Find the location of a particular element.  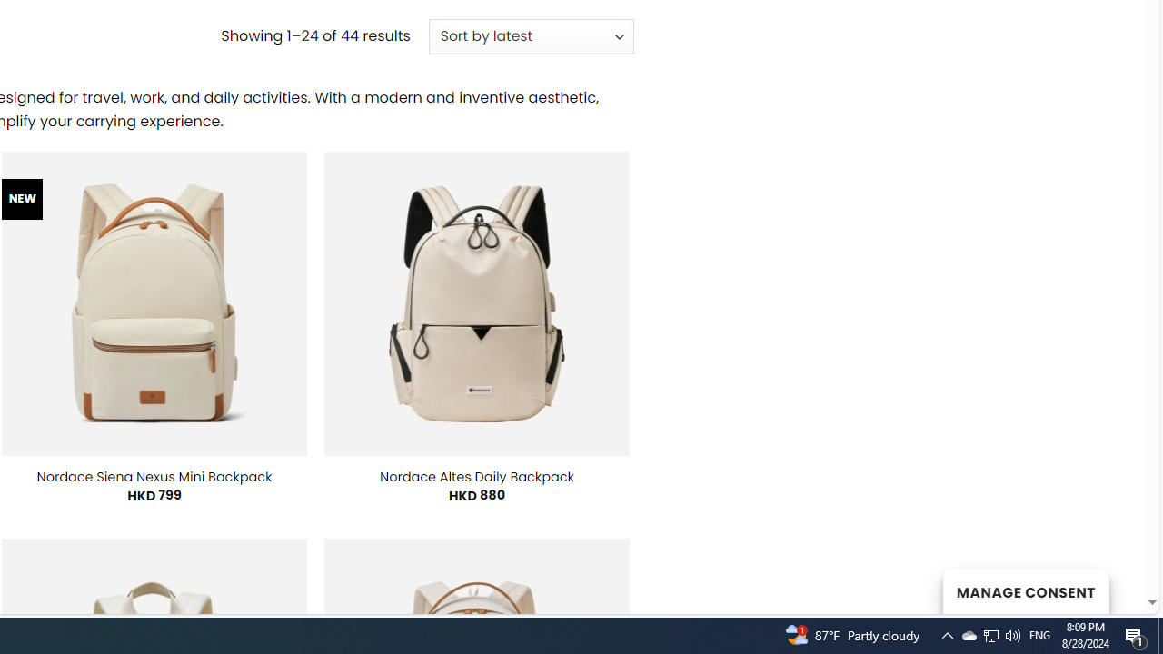

'Shop order' is located at coordinates (530, 37).